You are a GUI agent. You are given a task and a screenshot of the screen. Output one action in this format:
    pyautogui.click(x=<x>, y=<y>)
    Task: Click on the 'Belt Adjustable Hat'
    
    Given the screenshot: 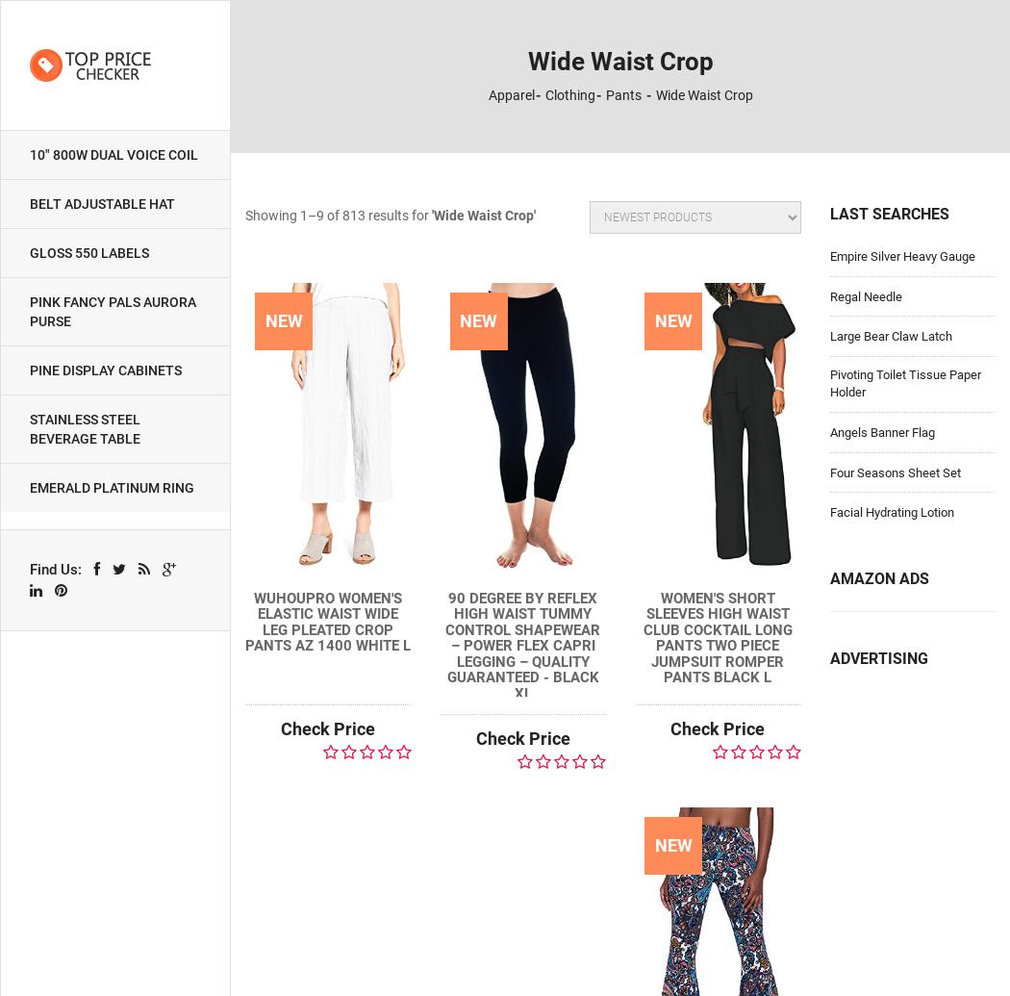 What is the action you would take?
    pyautogui.click(x=102, y=203)
    